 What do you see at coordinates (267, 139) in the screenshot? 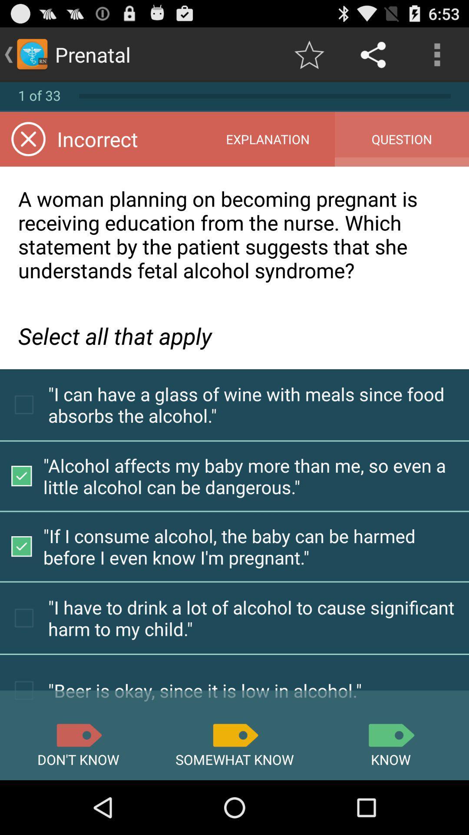
I see `item next to incorrect` at bounding box center [267, 139].